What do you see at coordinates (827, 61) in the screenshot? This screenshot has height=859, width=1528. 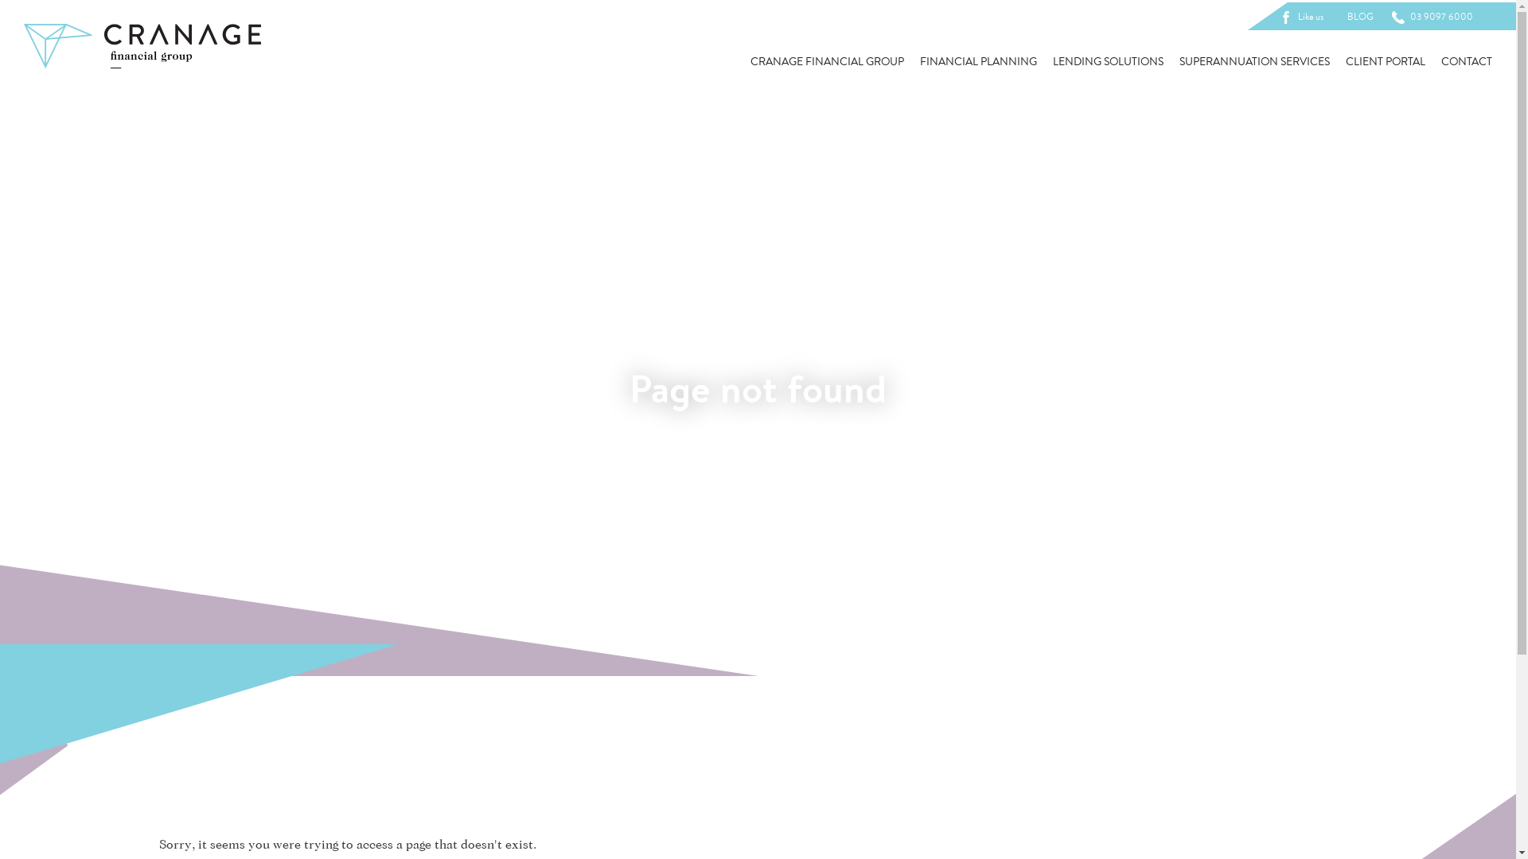 I see `'CRANAGE FINANCIAL GROUP'` at bounding box center [827, 61].